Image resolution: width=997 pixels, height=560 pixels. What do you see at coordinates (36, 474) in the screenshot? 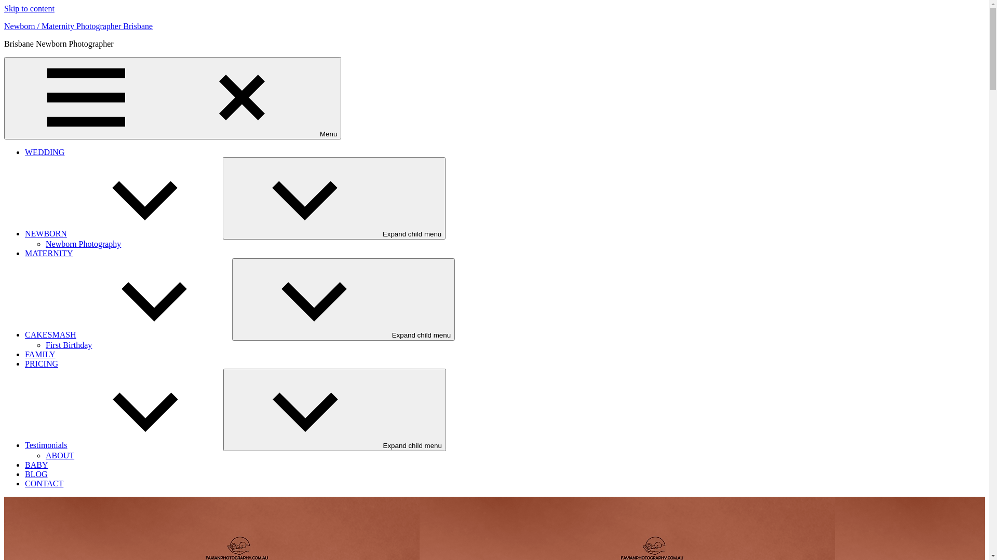
I see `'BLOG'` at bounding box center [36, 474].